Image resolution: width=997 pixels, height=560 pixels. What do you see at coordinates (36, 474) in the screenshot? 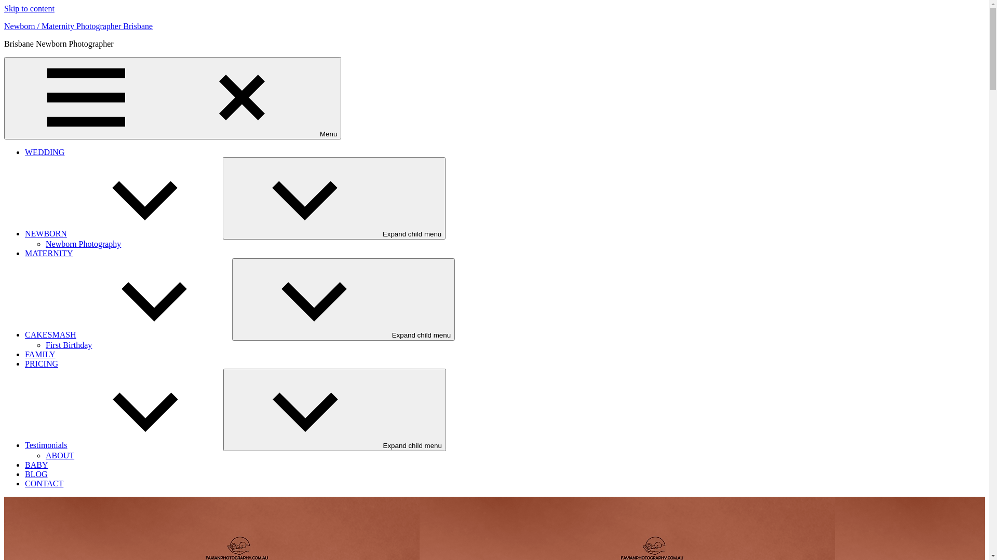
I see `'BLOG'` at bounding box center [36, 474].